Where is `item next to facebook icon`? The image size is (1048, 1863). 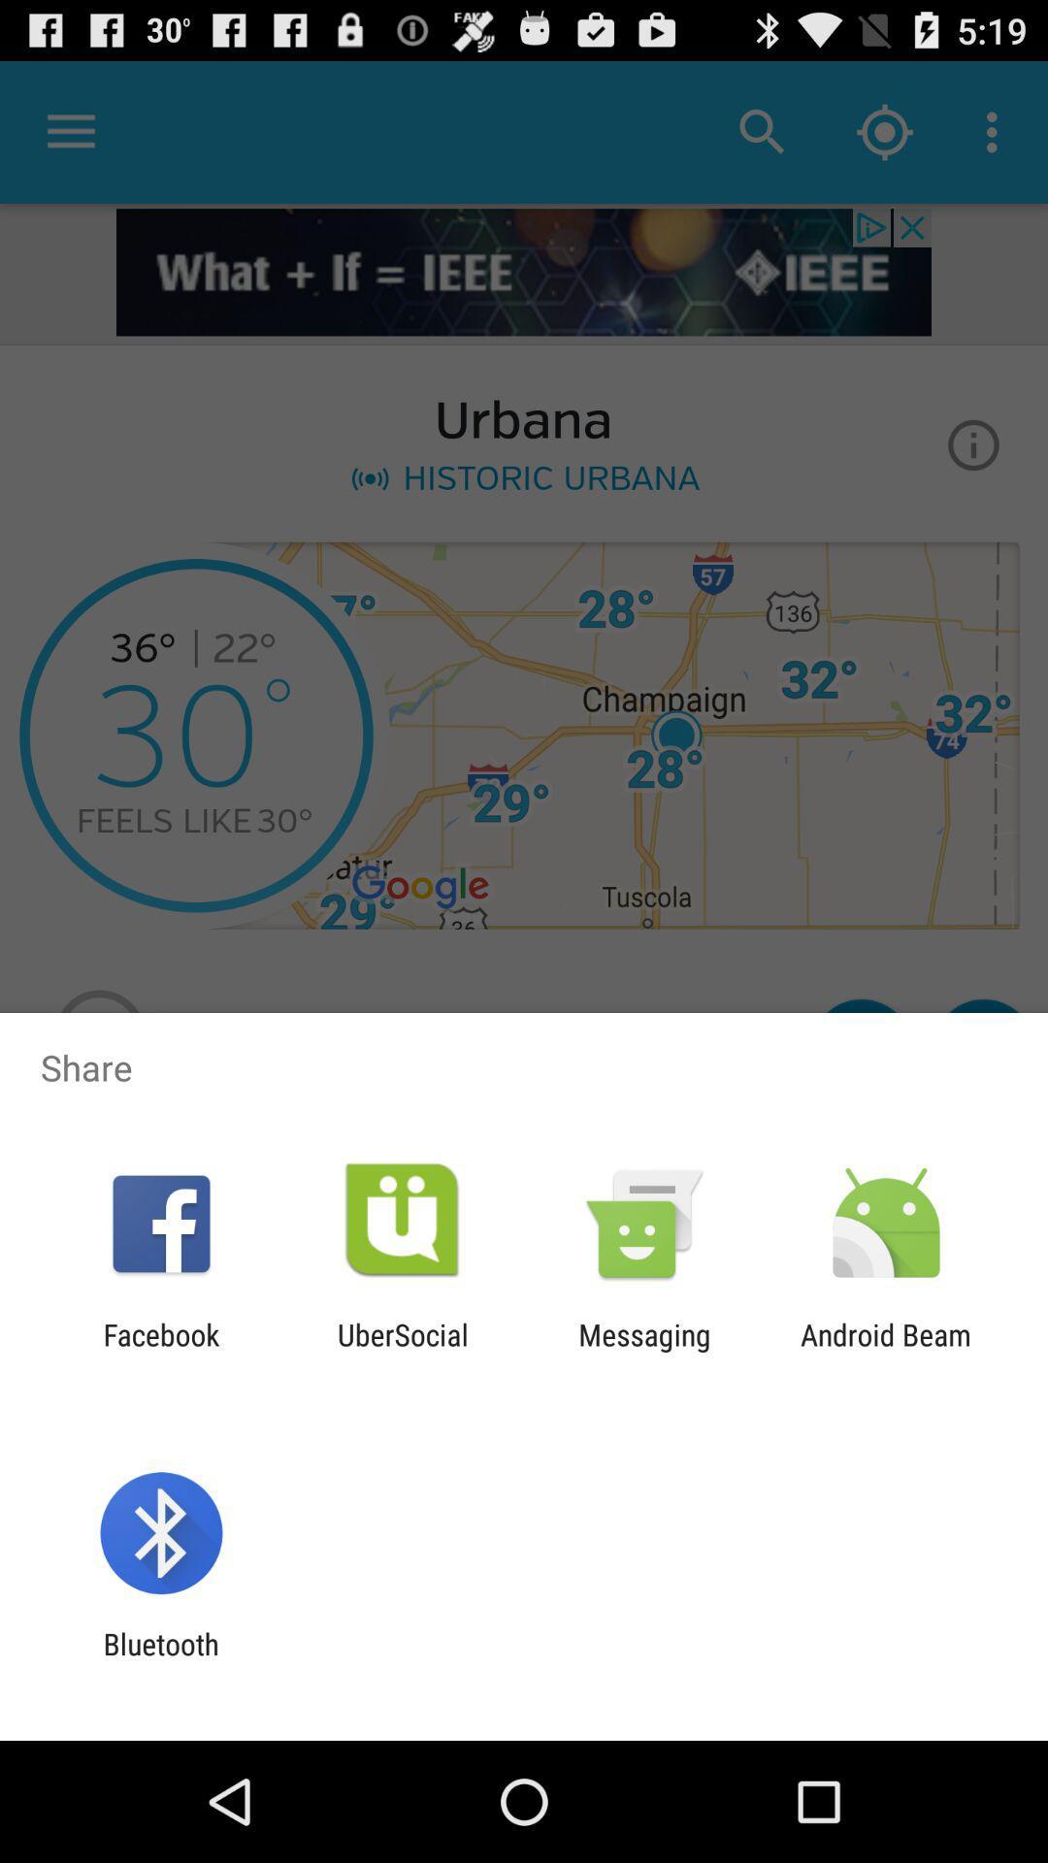 item next to facebook icon is located at coordinates (402, 1351).